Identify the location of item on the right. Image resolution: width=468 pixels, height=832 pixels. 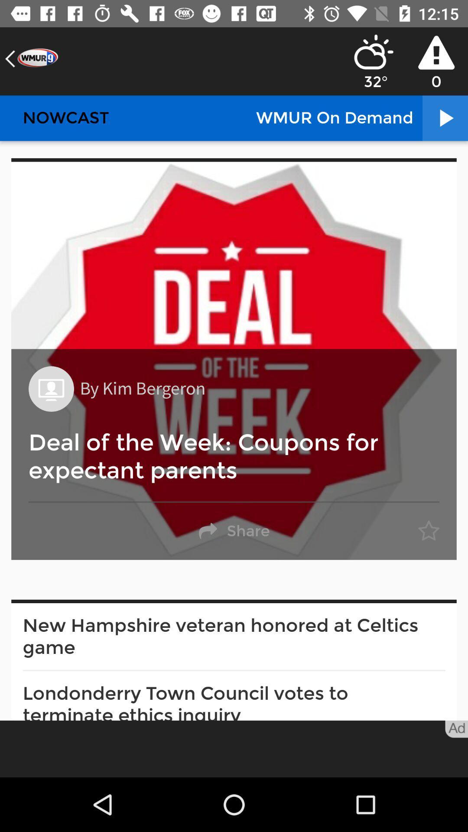
(428, 531).